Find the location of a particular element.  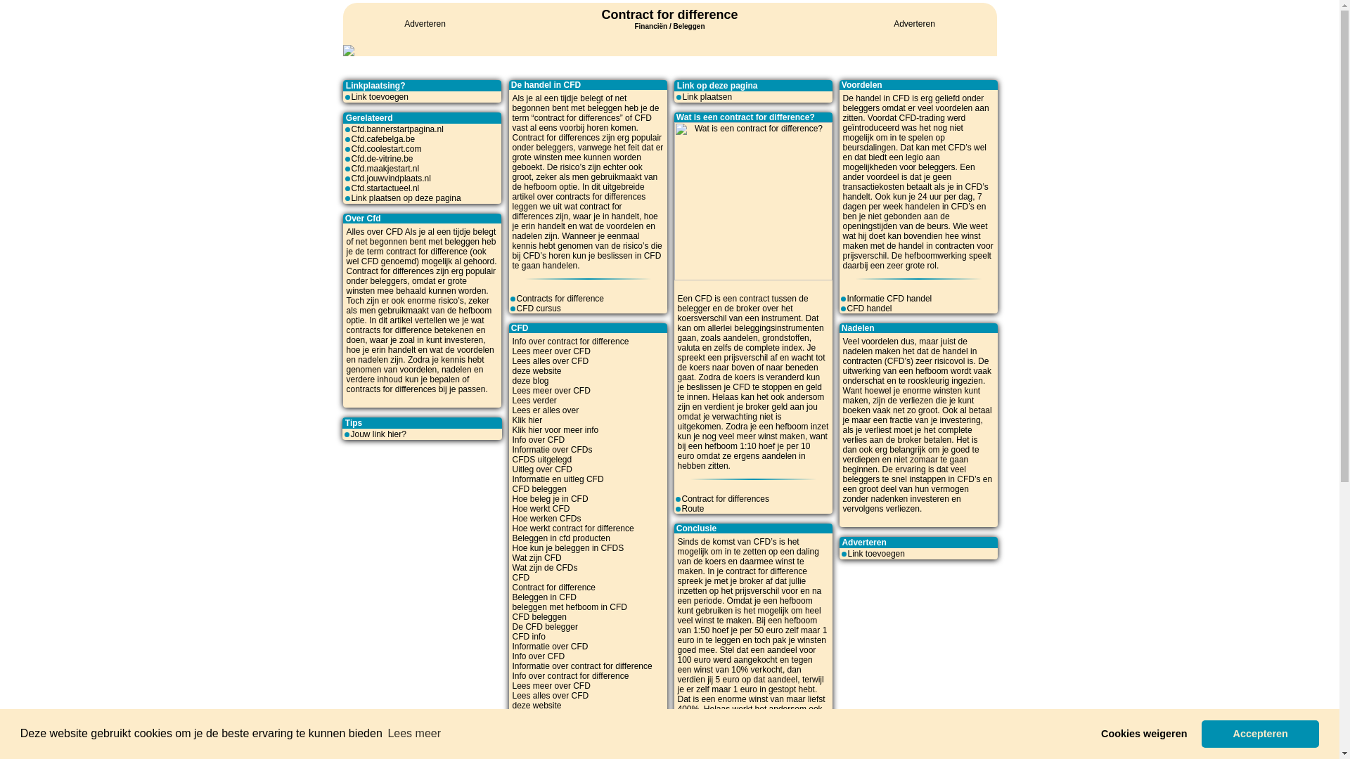

'CFD beleggen' is located at coordinates (511, 488).